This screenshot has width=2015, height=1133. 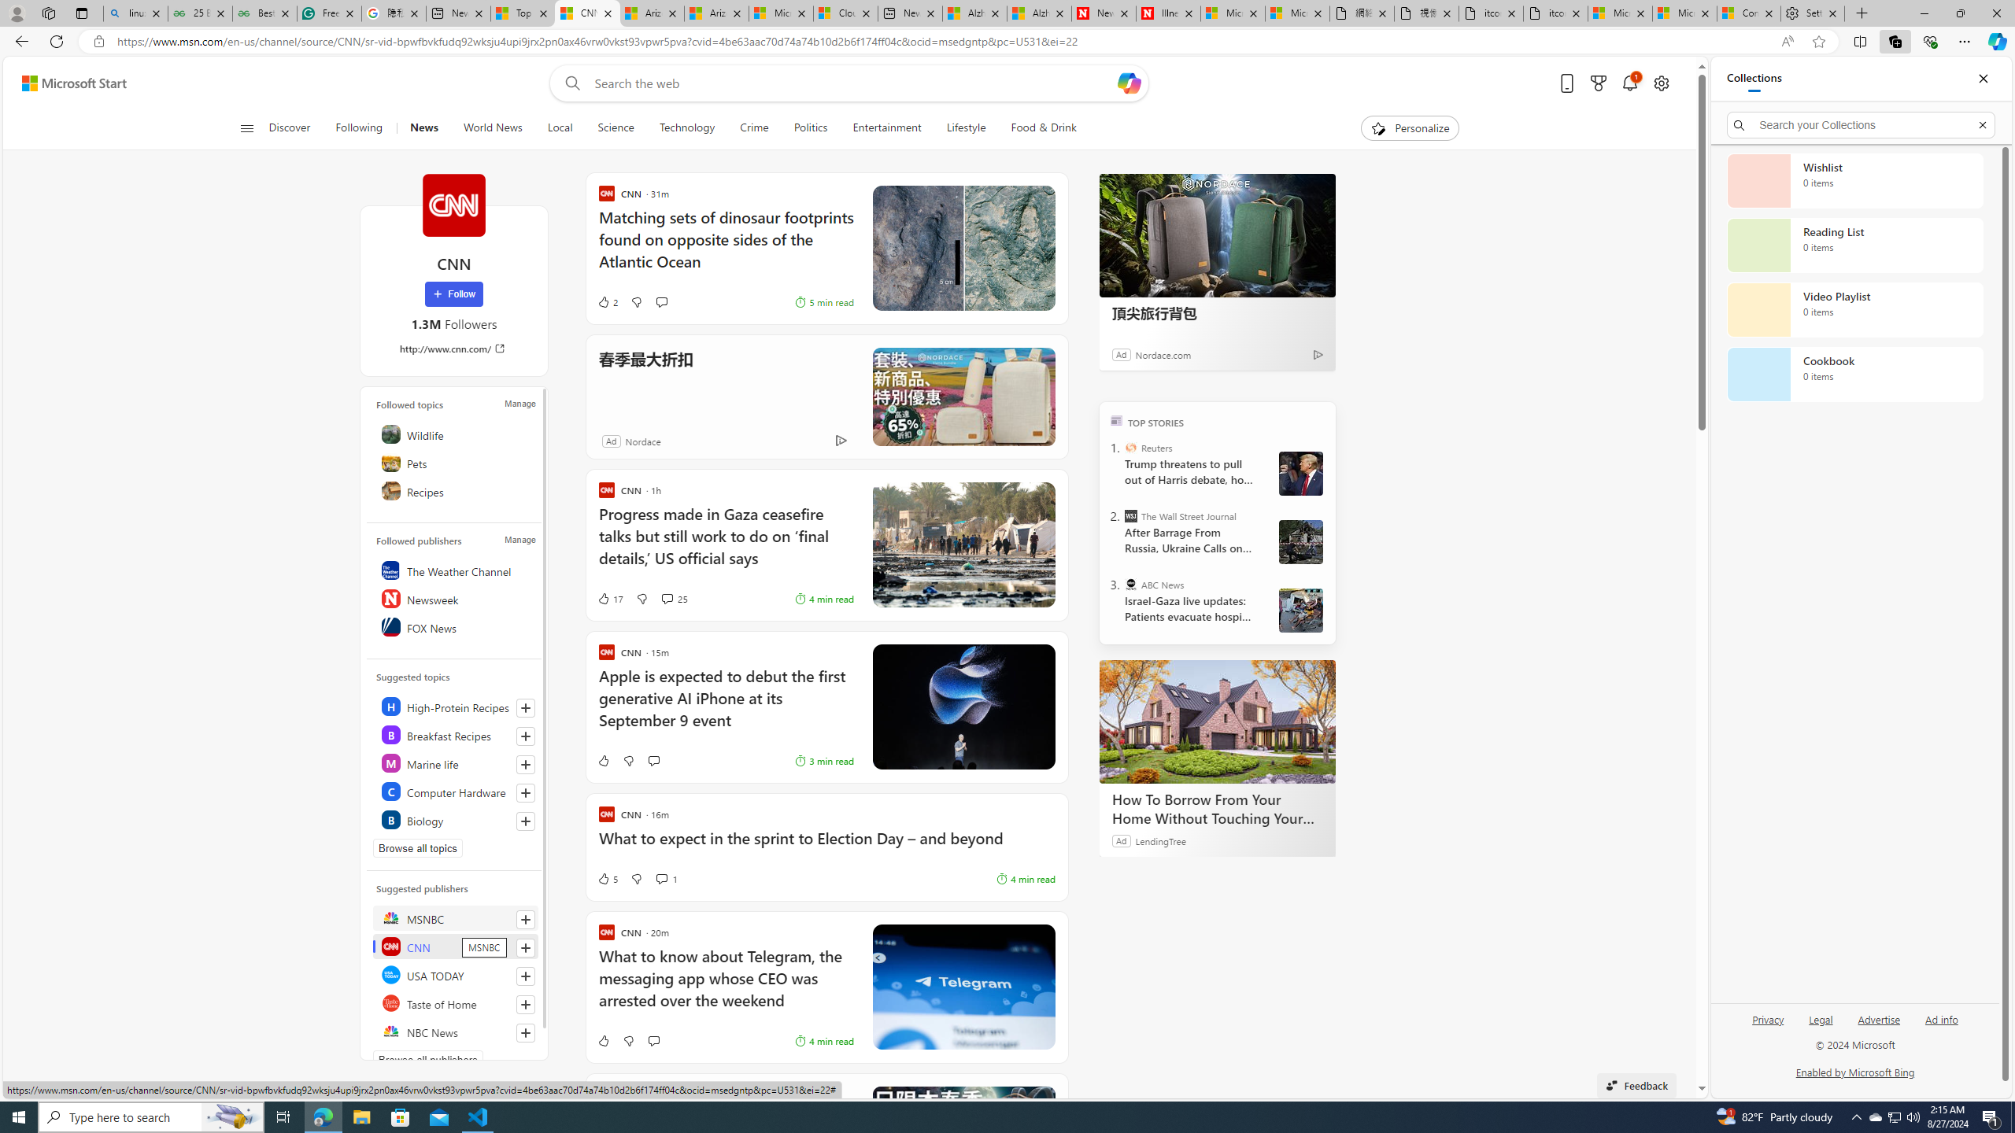 What do you see at coordinates (1167, 13) in the screenshot?
I see `'Illness news & latest pictures from Newsweek.com'` at bounding box center [1167, 13].